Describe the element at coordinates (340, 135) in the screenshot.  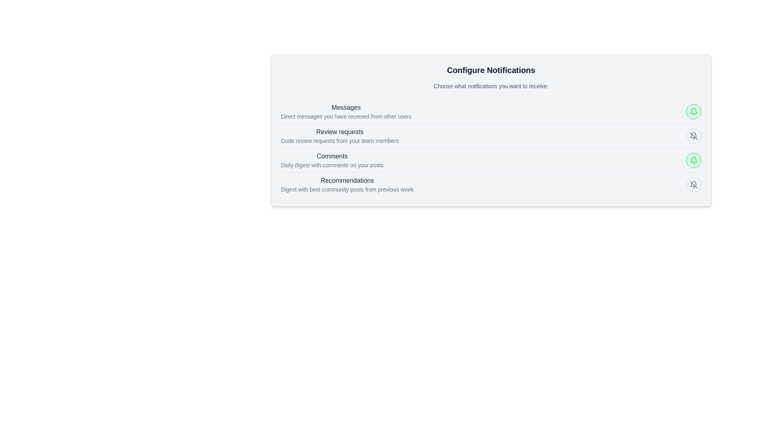
I see `text displayed in the selectable category for code review notifications located in the notification settings panel, positioned as the second item under 'Configure Notifications'` at that location.